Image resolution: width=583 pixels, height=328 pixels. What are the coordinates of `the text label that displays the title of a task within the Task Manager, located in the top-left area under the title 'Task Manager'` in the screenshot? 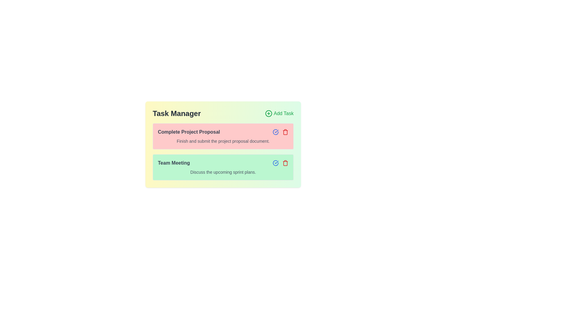 It's located at (189, 132).